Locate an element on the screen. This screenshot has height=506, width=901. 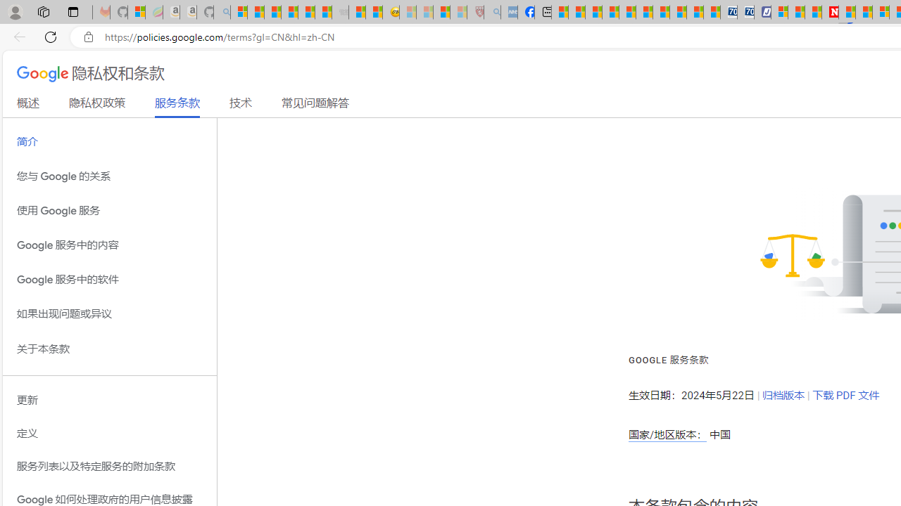
'14 Common Myths Debunked By Scientific Facts' is located at coordinates (863, 12).